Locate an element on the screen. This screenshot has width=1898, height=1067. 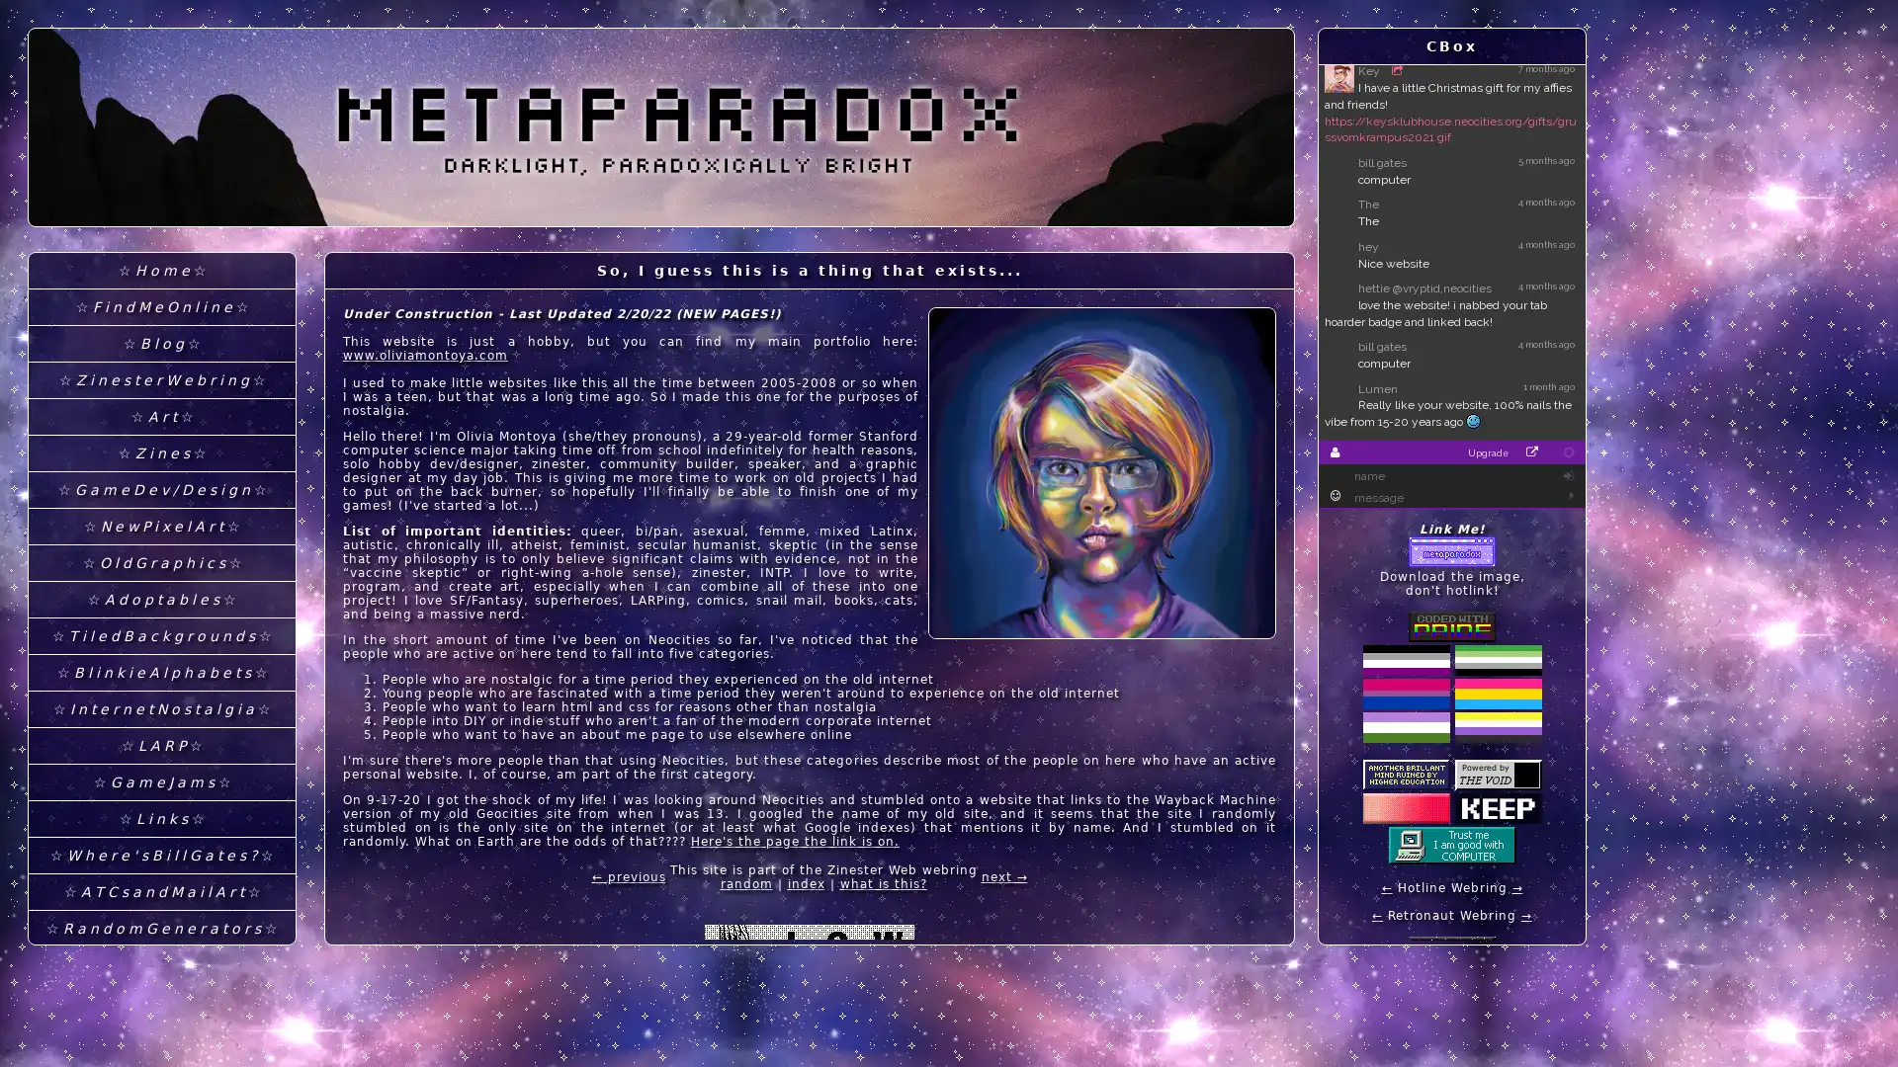
Z i n e s is located at coordinates (161, 453).